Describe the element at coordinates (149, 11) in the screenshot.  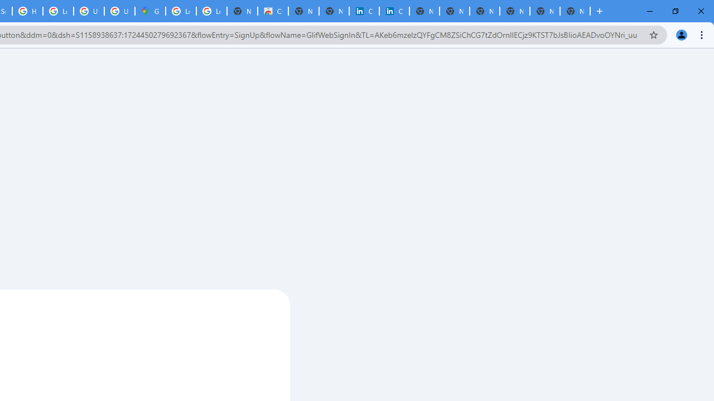
I see `'Google Maps'` at that location.